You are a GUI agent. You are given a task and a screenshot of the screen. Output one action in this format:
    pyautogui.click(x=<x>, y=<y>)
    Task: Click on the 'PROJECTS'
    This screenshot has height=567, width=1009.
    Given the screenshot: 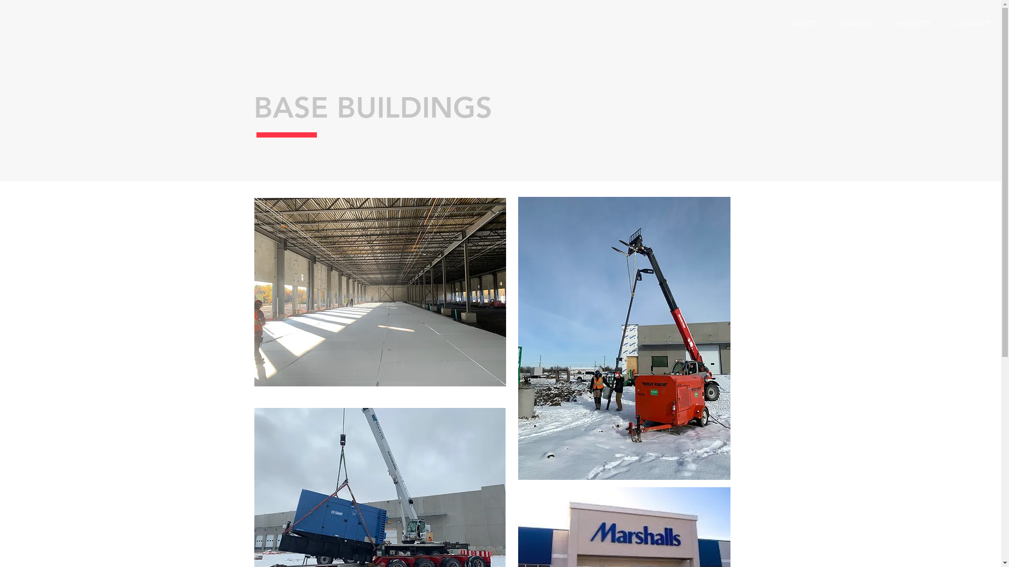 What is the action you would take?
    pyautogui.click(x=912, y=24)
    